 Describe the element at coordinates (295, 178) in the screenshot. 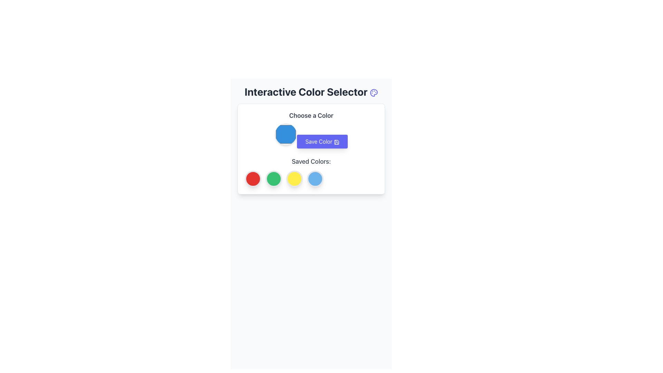

I see `the third selectable color indicator representing yellow in the 'Saved Colors:' section of the interface` at that location.